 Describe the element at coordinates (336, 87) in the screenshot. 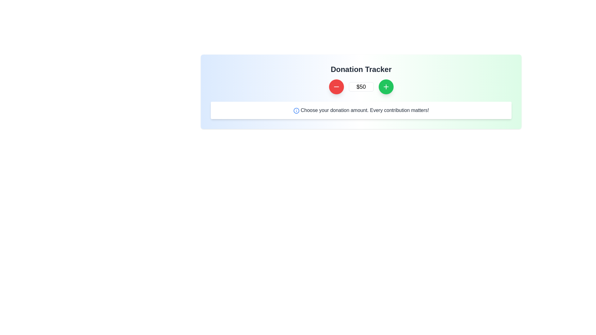

I see `the button to decrease the donation amount located in the donation tracker interface, which is positioned under the title 'Donation Tracker' and is the first element to the left of the text input field showing '$50'` at that location.